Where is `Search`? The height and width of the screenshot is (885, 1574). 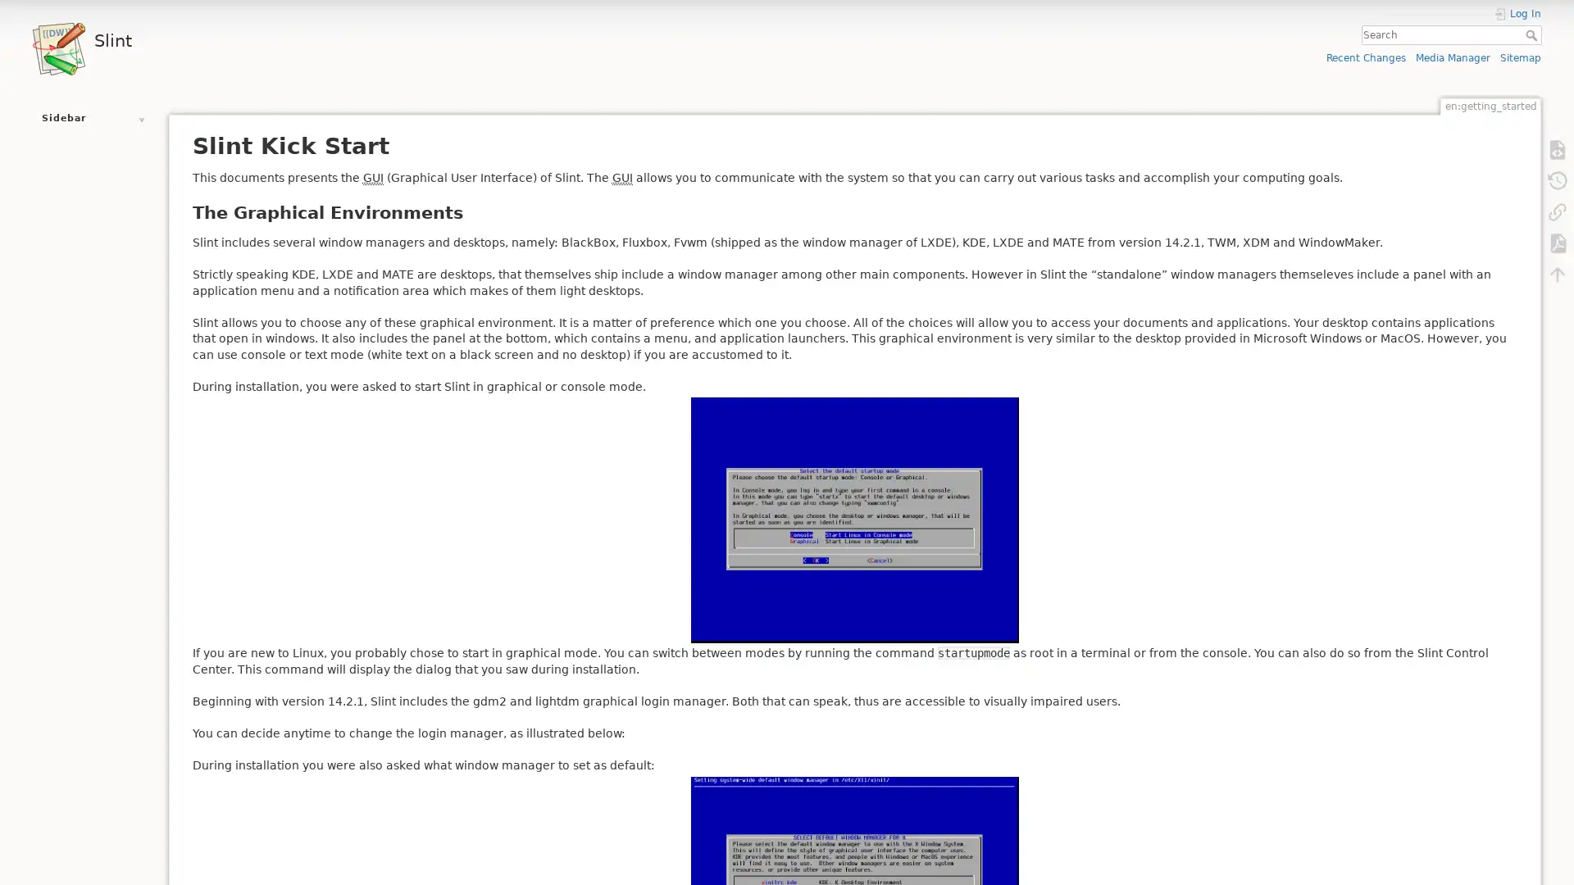 Search is located at coordinates (1532, 34).